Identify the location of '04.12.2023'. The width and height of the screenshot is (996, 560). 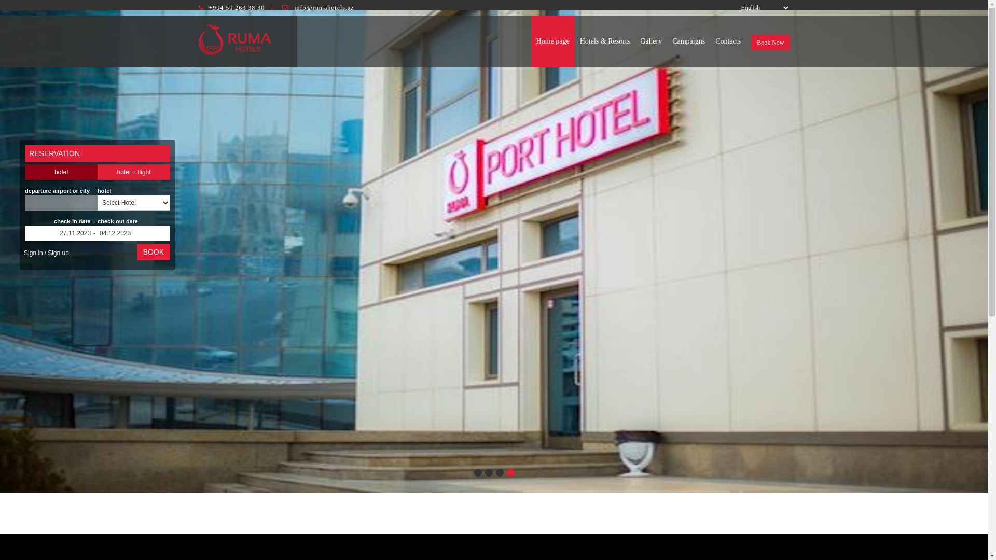
(97, 233).